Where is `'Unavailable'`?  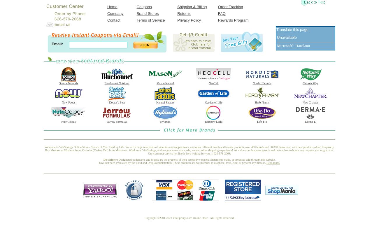
'Unavailable' is located at coordinates (286, 37).